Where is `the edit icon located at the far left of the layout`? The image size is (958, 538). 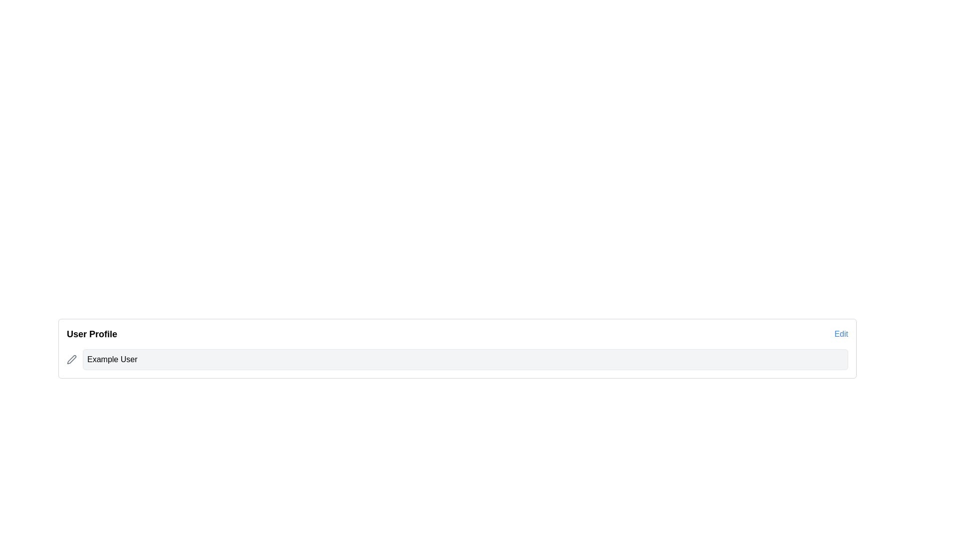
the edit icon located at the far left of the layout is located at coordinates (71, 359).